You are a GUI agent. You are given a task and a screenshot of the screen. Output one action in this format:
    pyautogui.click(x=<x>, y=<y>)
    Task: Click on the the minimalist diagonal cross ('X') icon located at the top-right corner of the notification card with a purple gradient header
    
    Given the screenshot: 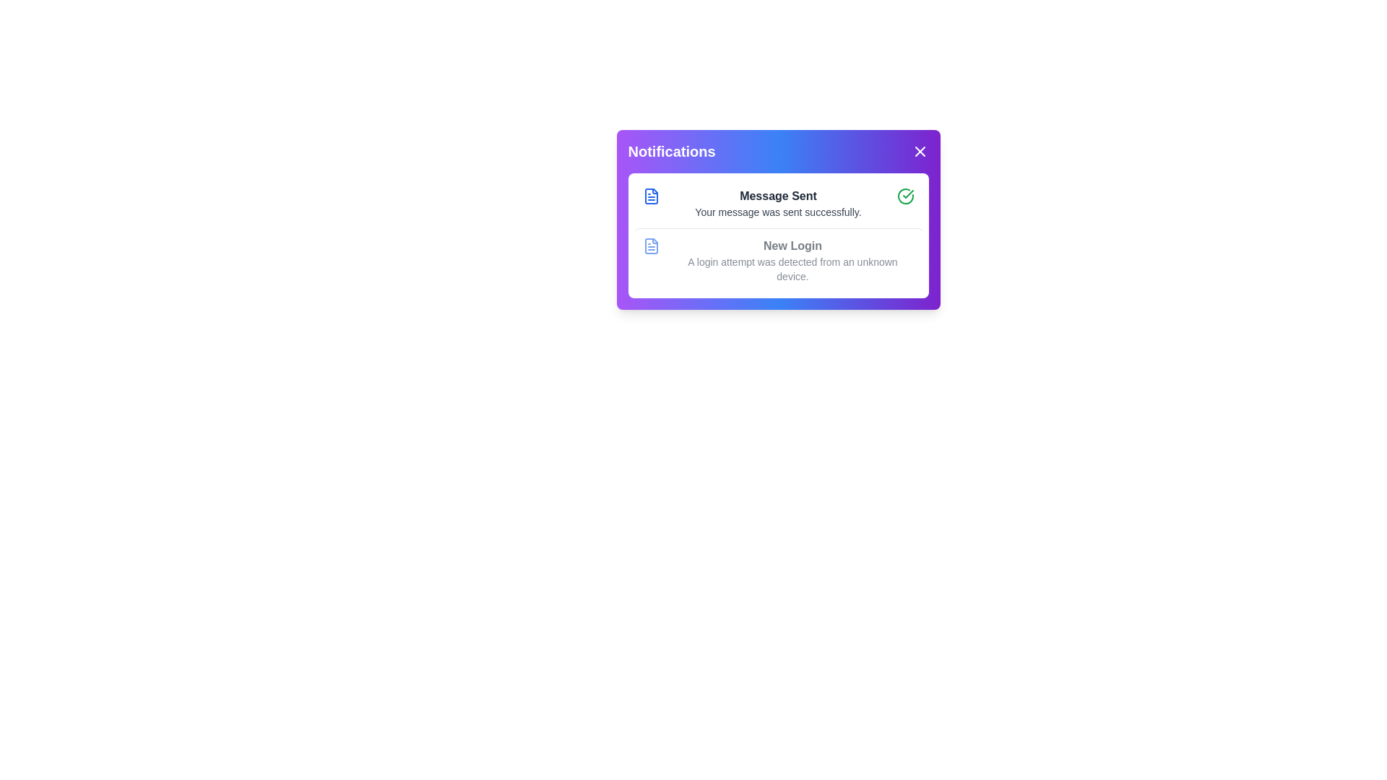 What is the action you would take?
    pyautogui.click(x=919, y=151)
    